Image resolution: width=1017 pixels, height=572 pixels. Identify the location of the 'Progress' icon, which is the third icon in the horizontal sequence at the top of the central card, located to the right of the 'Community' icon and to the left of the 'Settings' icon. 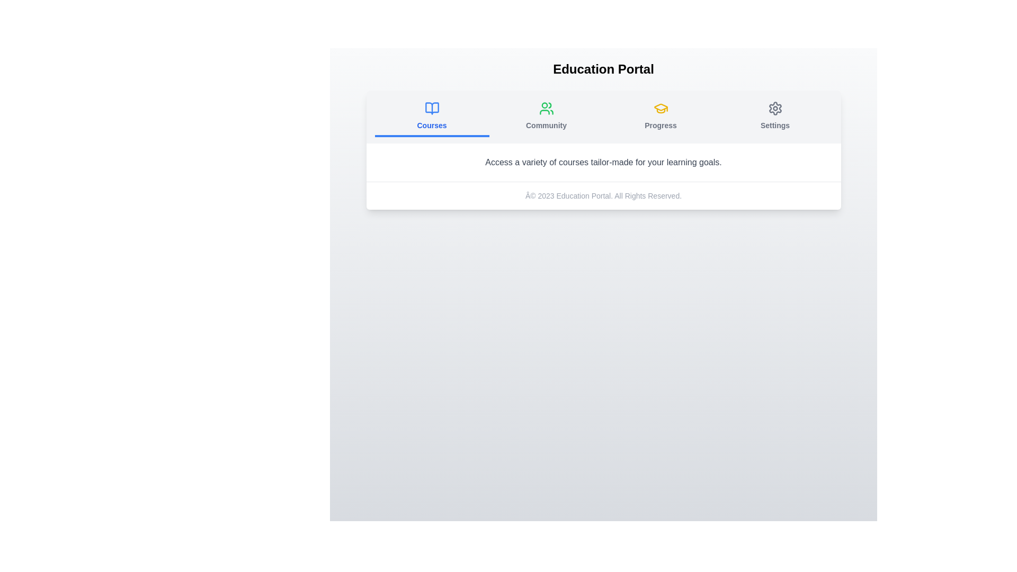
(660, 108).